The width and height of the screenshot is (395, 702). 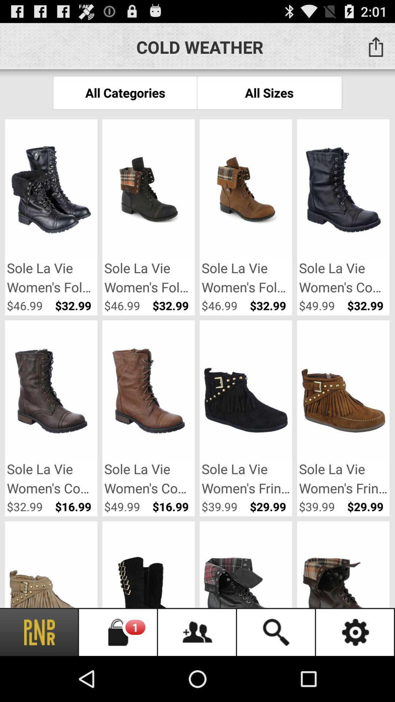 I want to click on the icon next to the all categories icon, so click(x=269, y=92).